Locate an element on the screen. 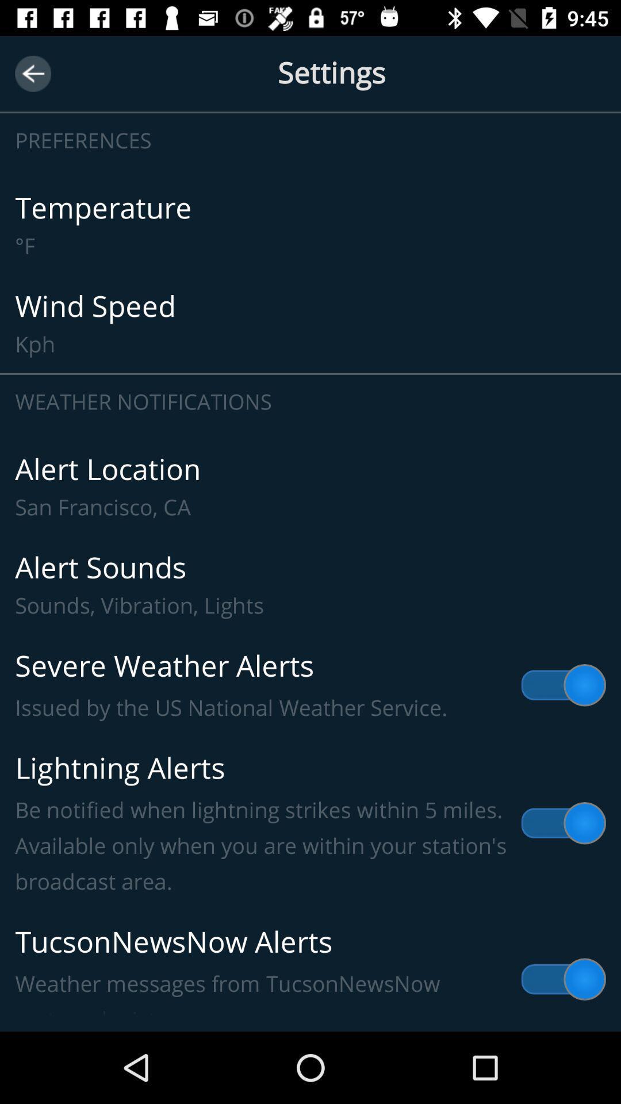  the text which says settings is located at coordinates (310, 86).